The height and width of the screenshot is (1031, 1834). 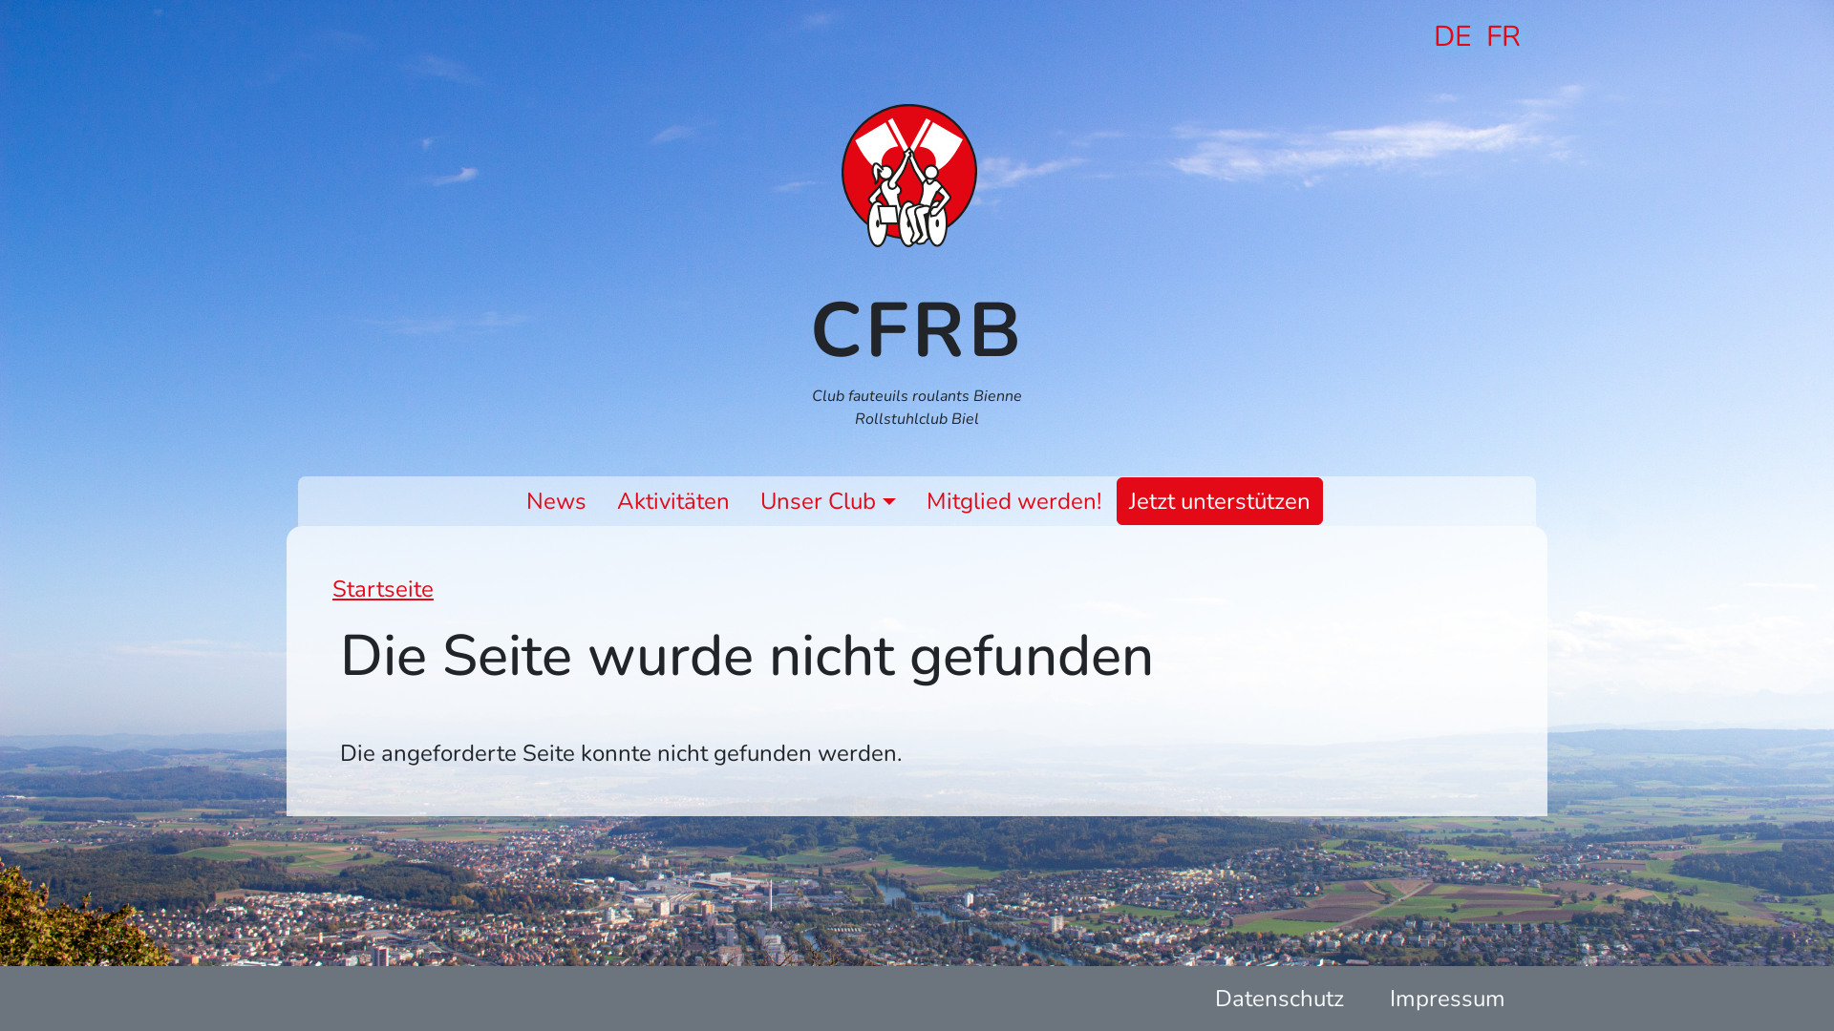 I want to click on 'Startseite', so click(x=382, y=588).